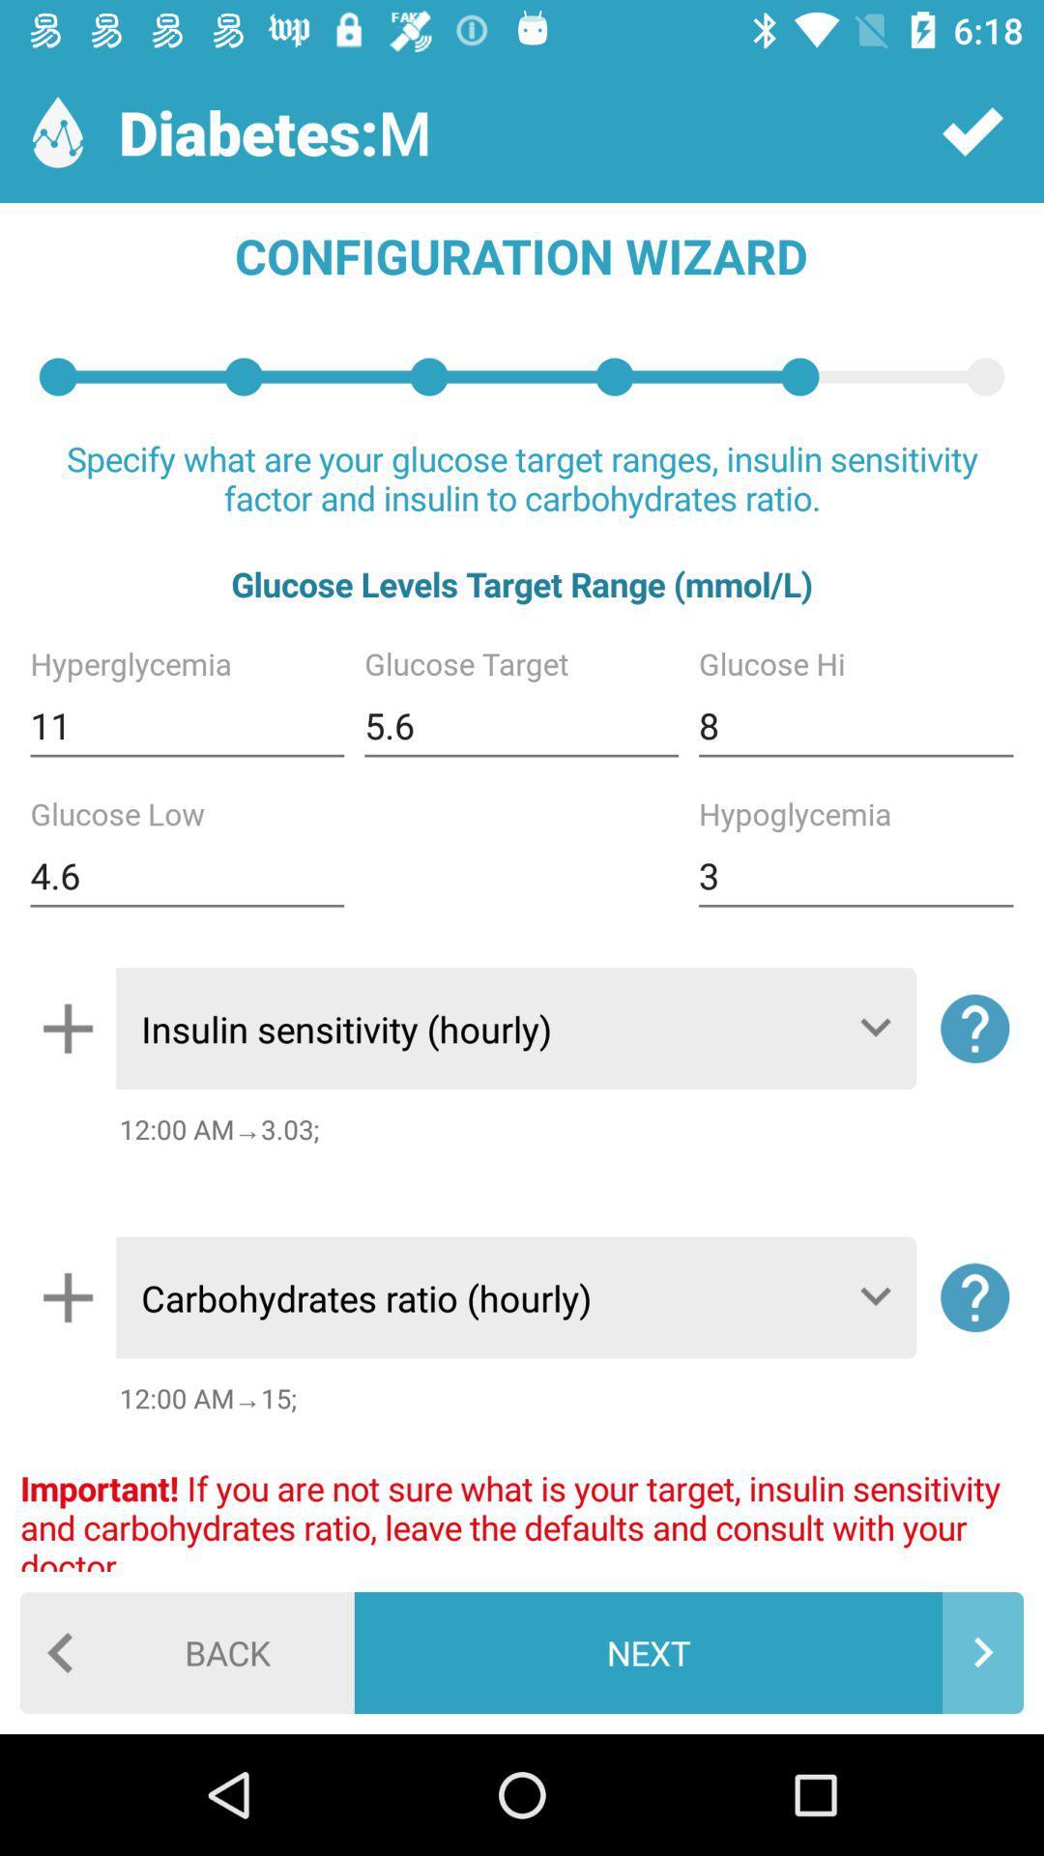  What do you see at coordinates (187, 725) in the screenshot?
I see `the item to the left of the 5.6 item` at bounding box center [187, 725].